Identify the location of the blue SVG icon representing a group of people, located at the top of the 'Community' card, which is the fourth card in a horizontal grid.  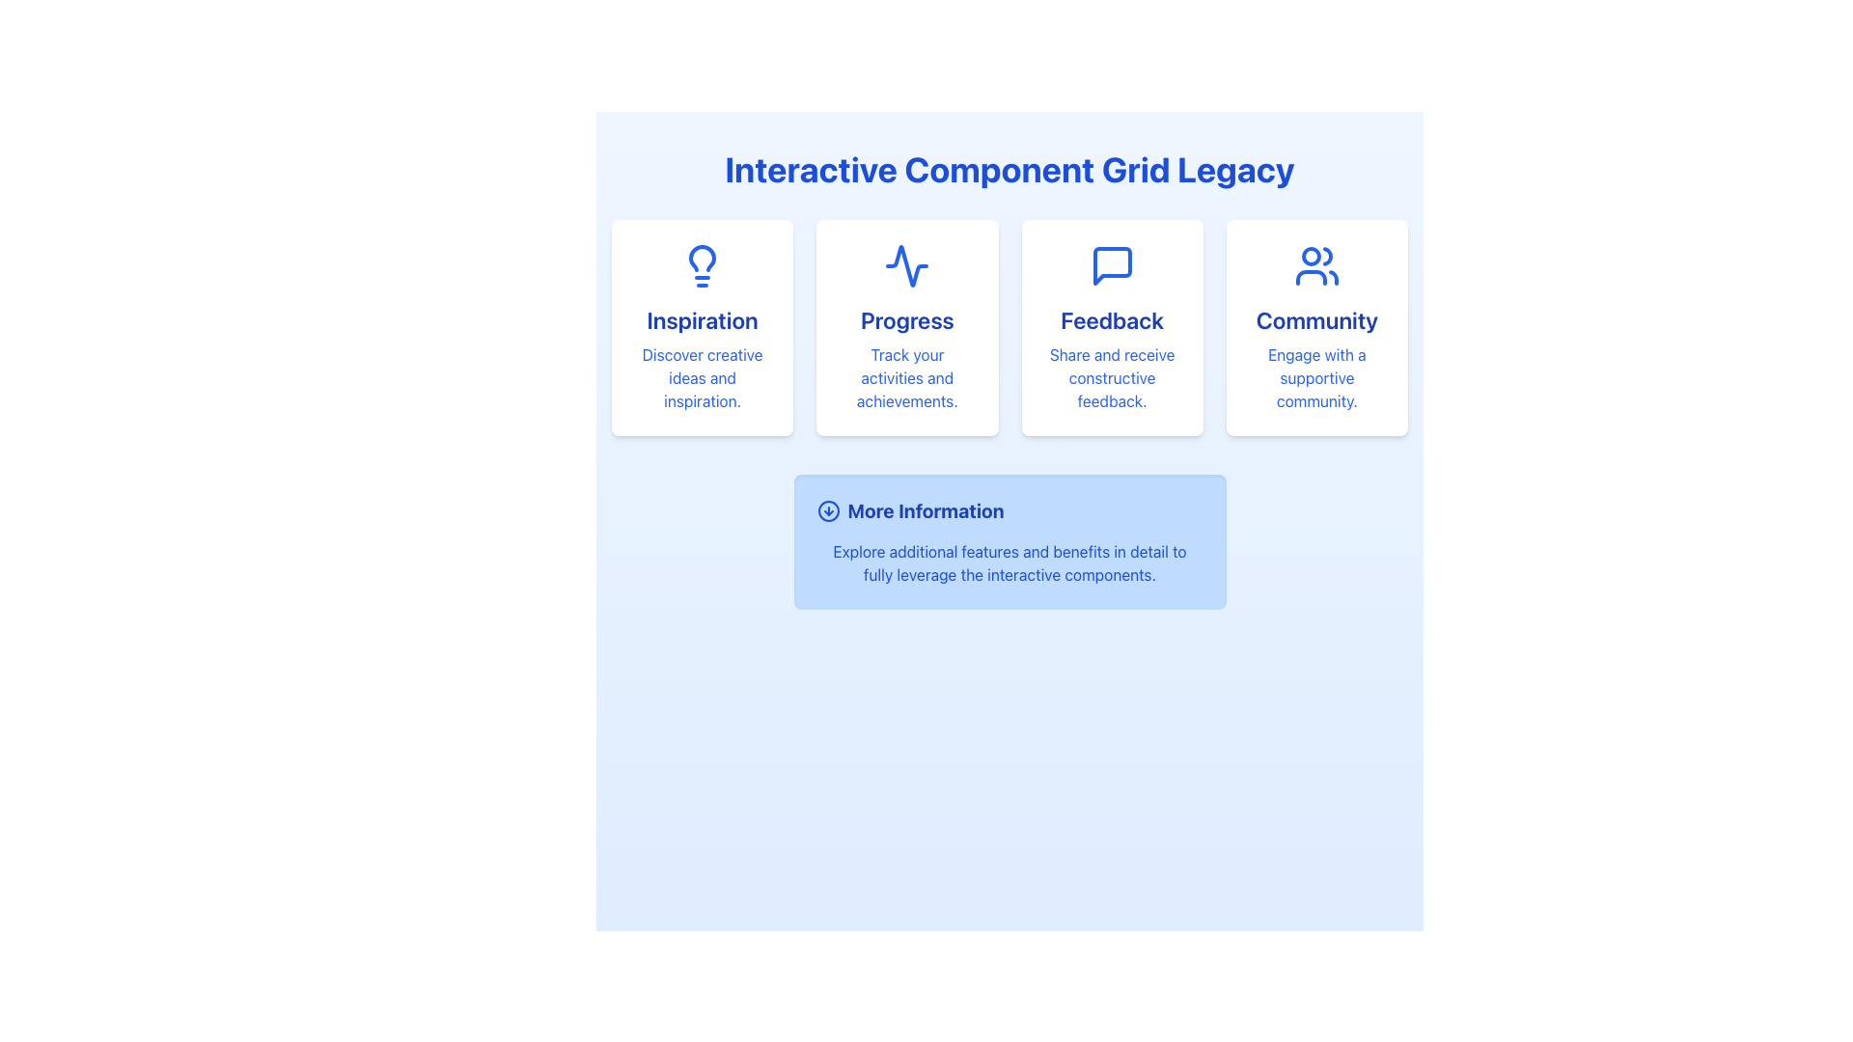
(1315, 266).